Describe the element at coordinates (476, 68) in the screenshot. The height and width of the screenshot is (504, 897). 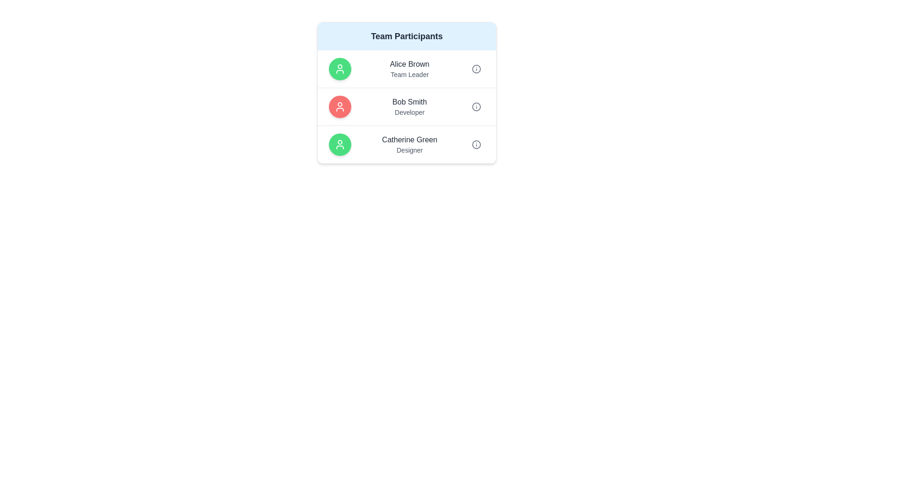
I see `the circular information button with a gray border and 'i' symbol located to the right of 'Alice Brown' and 'Team Leader'` at that location.